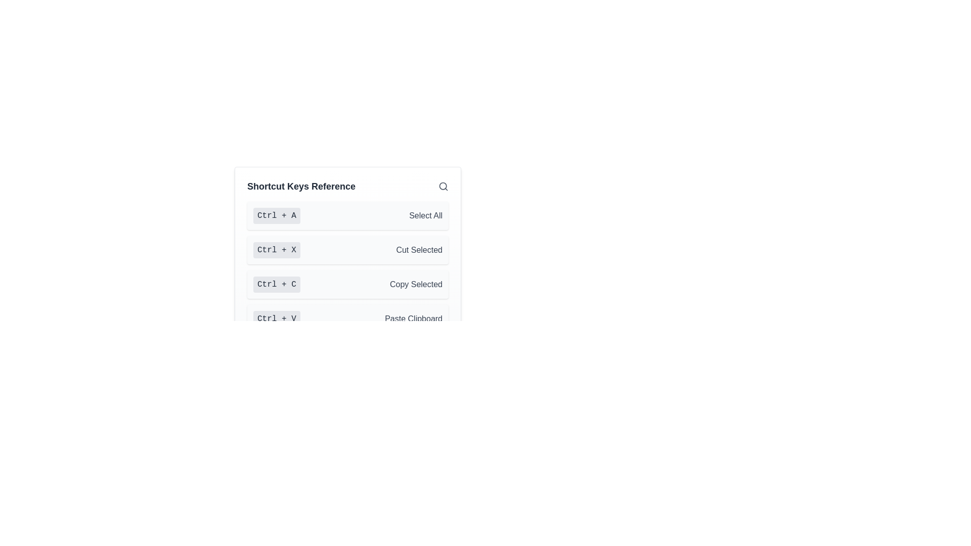 This screenshot has width=971, height=546. What do you see at coordinates (347, 319) in the screenshot?
I see `the informational display element that describes the 'Paste Clipboard' keyboard shortcut, which is the fourth item in a vertical list of shortcut key references, located below 'Ctrl + C - Copy Selected'` at bounding box center [347, 319].